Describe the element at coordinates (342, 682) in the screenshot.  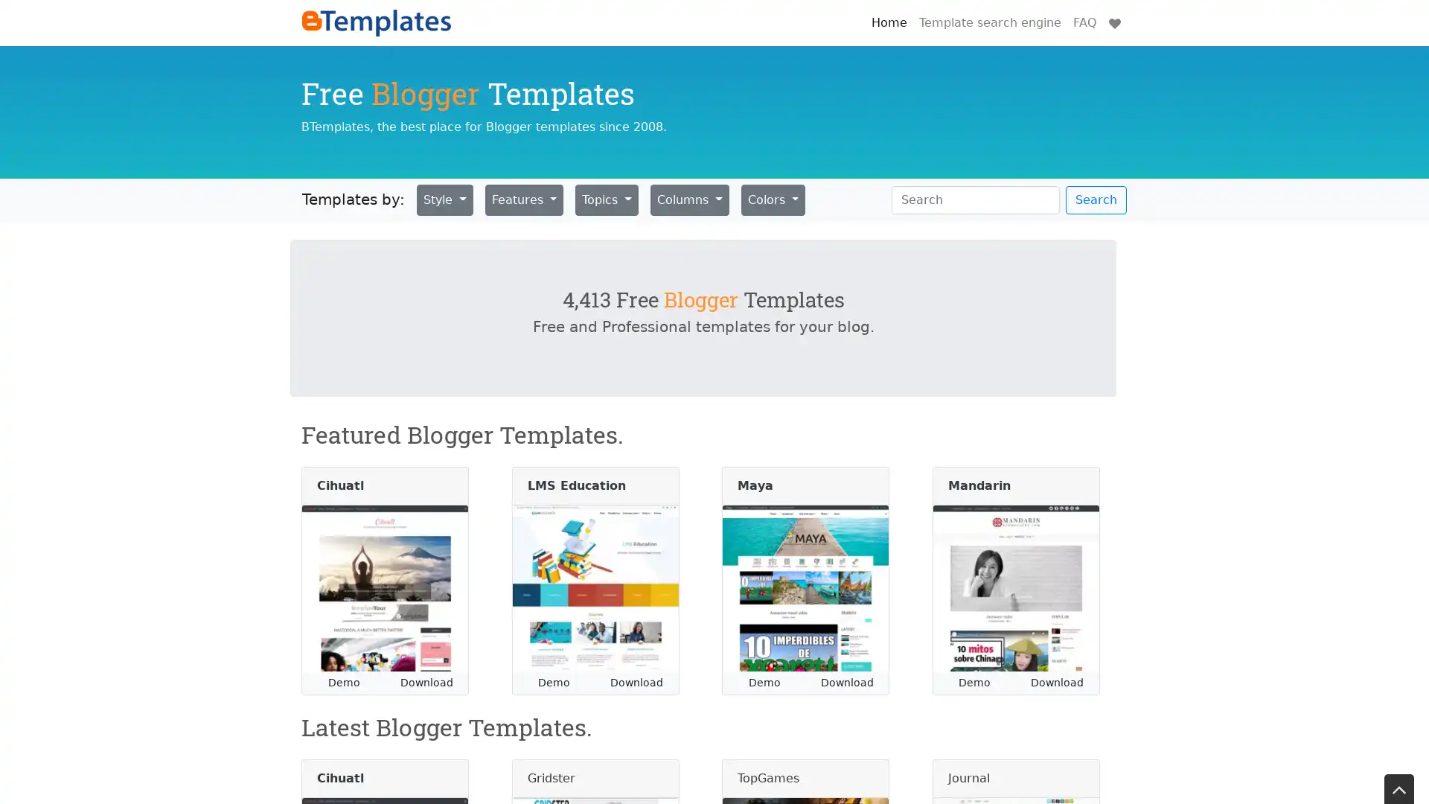
I see `Demo` at that location.